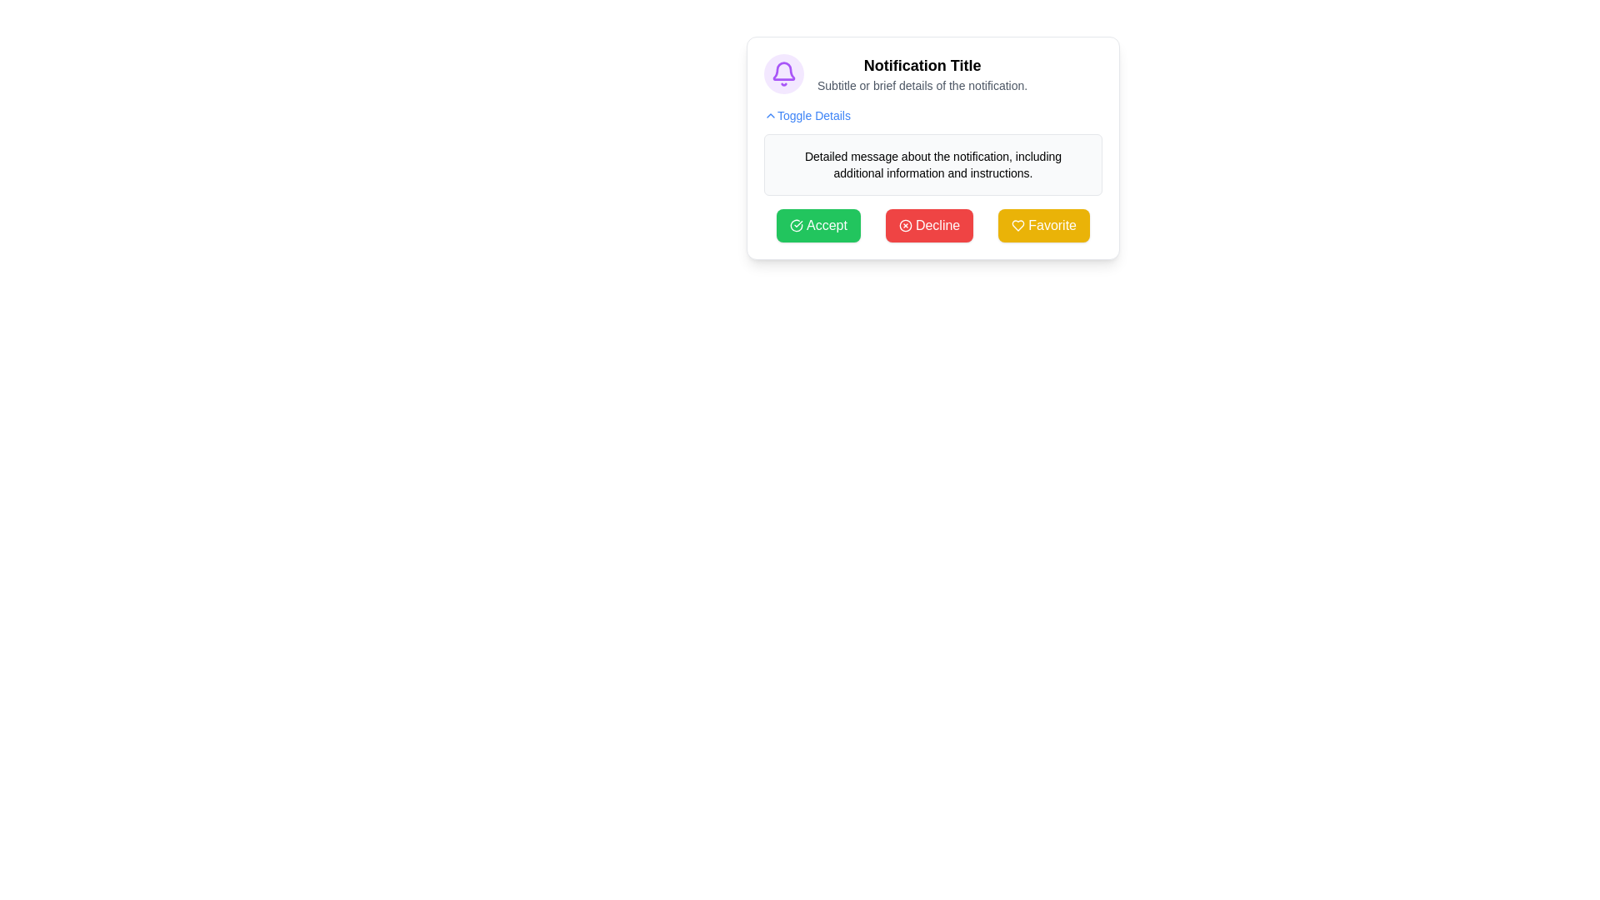  I want to click on the small upward-pointing chevron icon located in the 'Toggle Details' section of the notification card to trigger interaction effects, so click(770, 114).